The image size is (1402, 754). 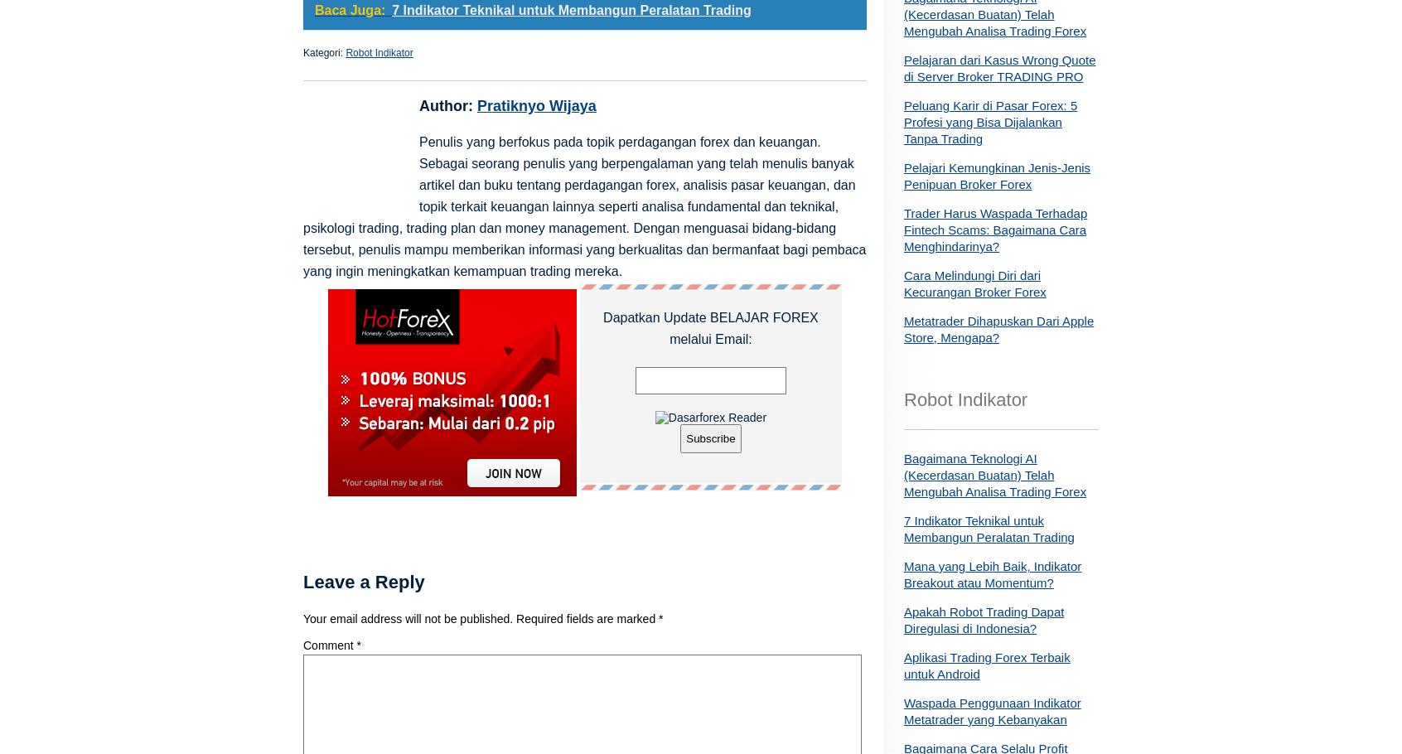 I want to click on 'Aplikasi Trading Forex Terbaik untuk Android', so click(x=904, y=665).